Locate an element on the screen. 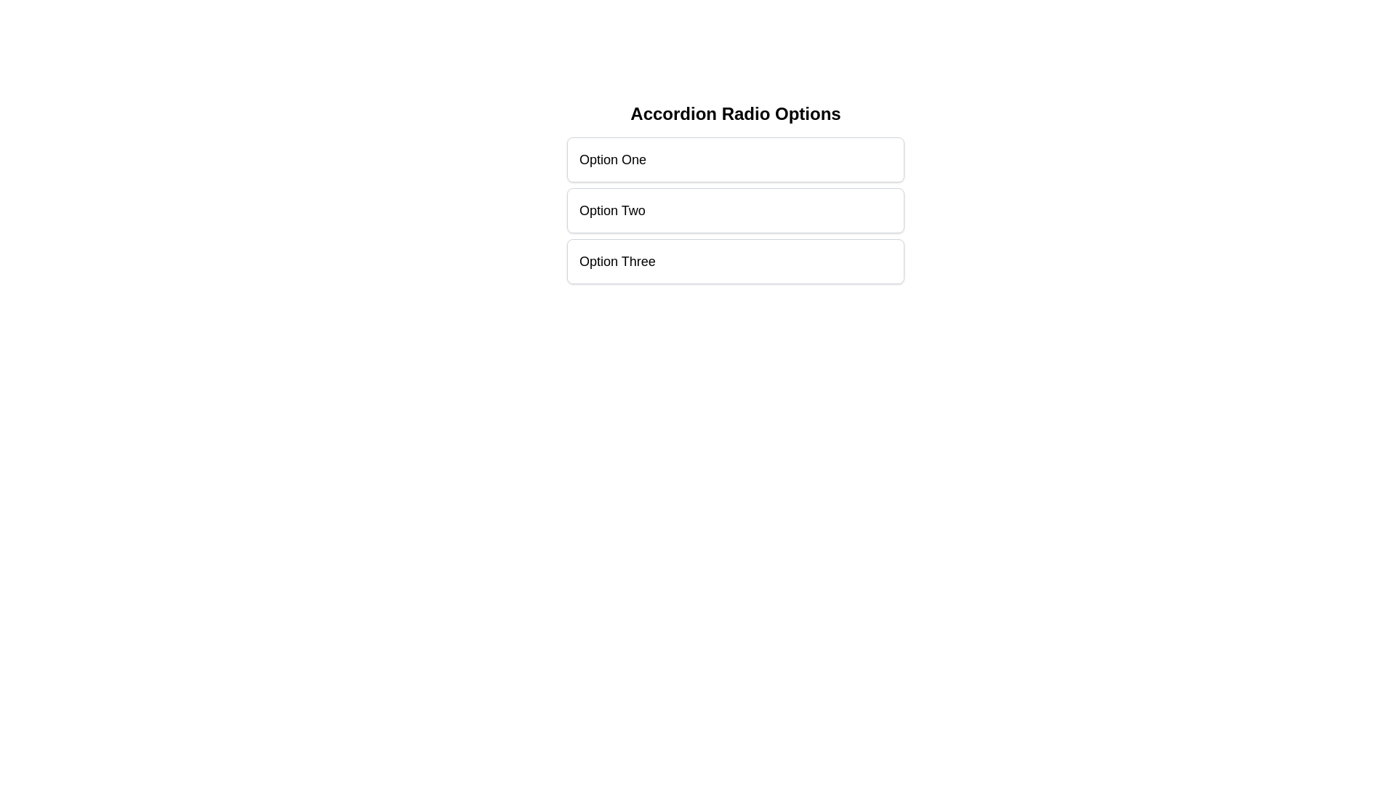 The width and height of the screenshot is (1396, 785). the first selectable option labeled 'Option One' is located at coordinates (736, 159).